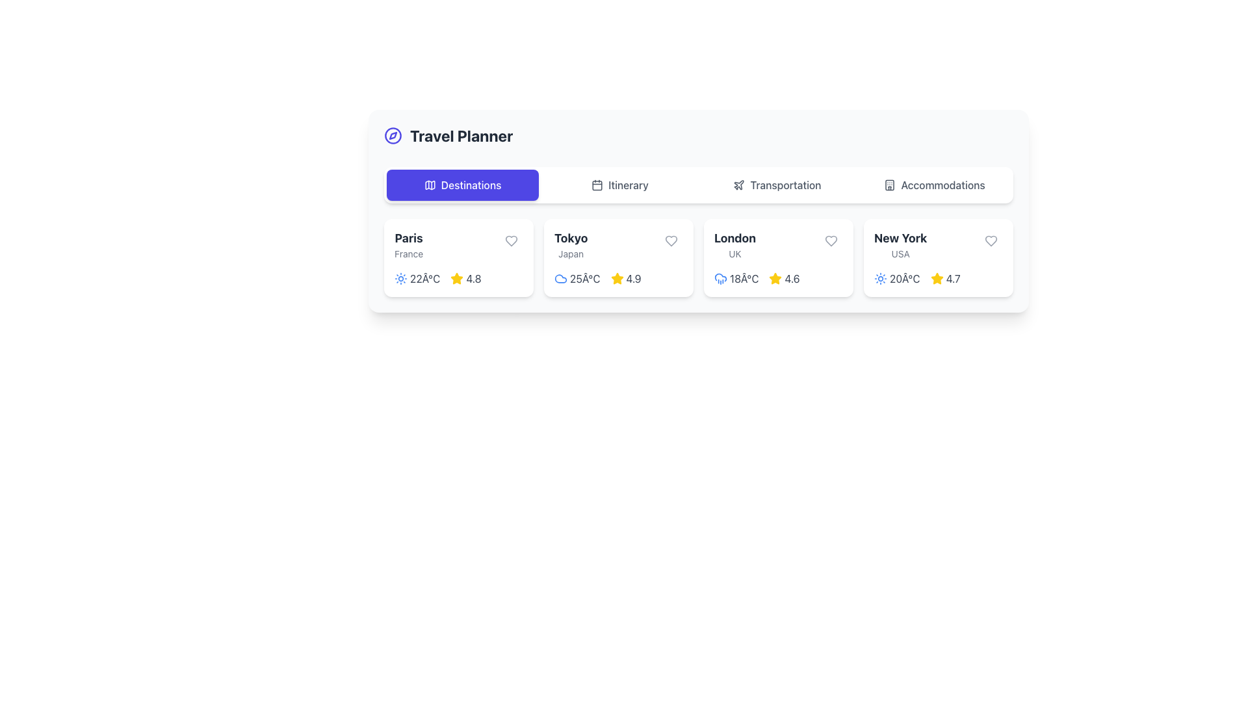  Describe the element at coordinates (626, 278) in the screenshot. I see `the rating indicator element displaying a yellow star icon and the text '4.9' next to 'Tokyo, Japan' below '25°C' in the third card` at that location.